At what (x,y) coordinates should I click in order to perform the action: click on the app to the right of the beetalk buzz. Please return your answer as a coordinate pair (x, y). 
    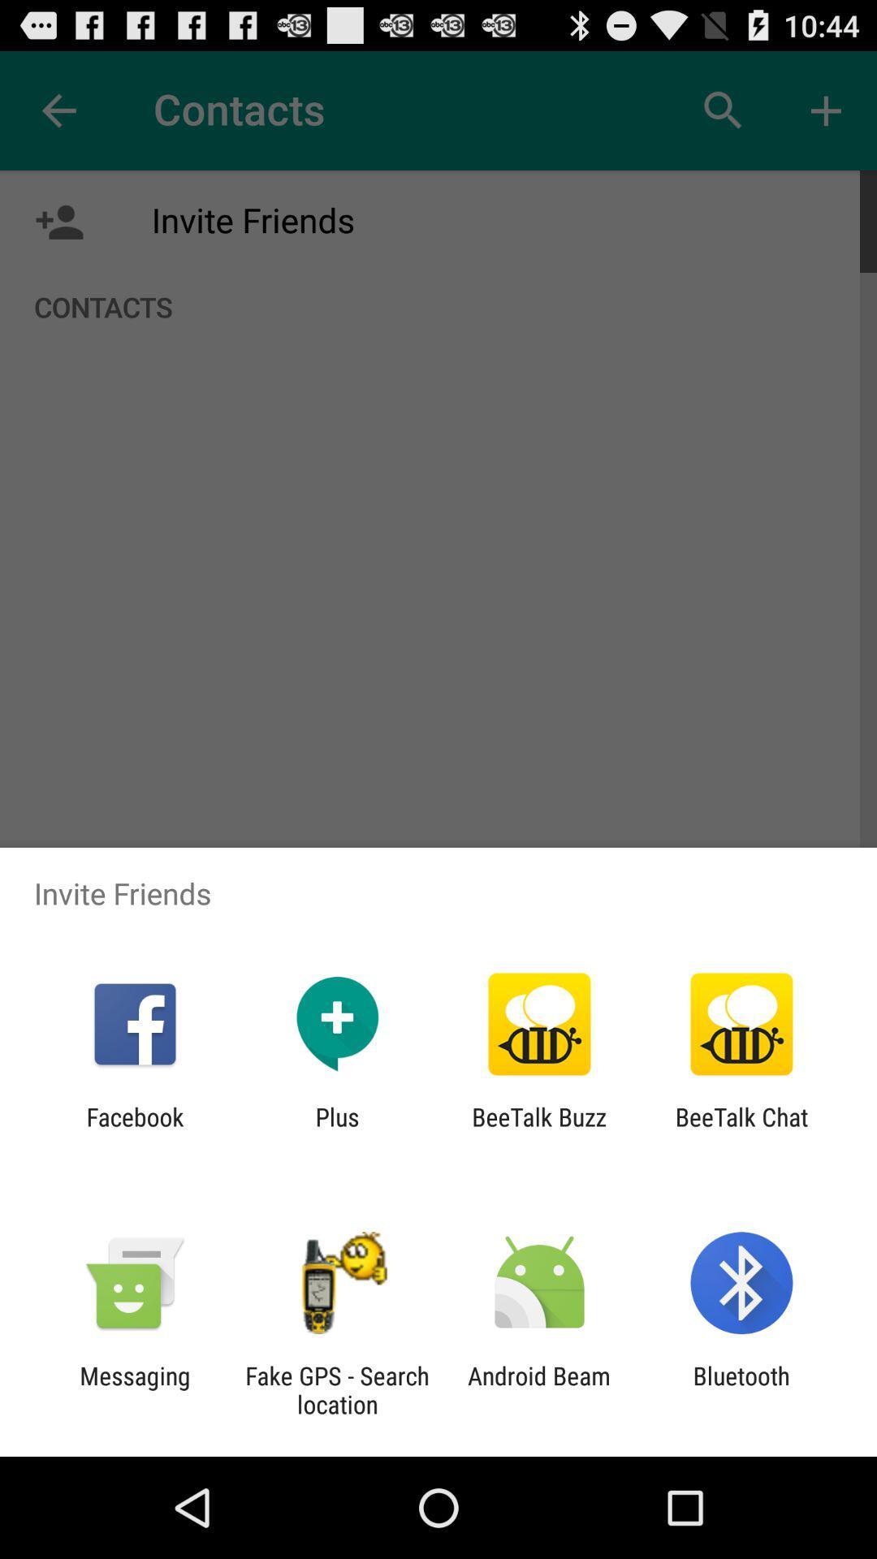
    Looking at the image, I should click on (741, 1130).